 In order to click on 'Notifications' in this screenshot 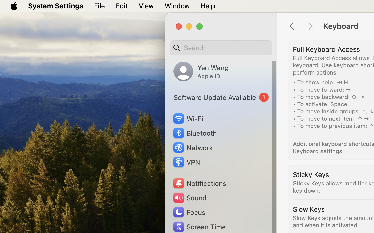, I will do `click(199, 183)`.